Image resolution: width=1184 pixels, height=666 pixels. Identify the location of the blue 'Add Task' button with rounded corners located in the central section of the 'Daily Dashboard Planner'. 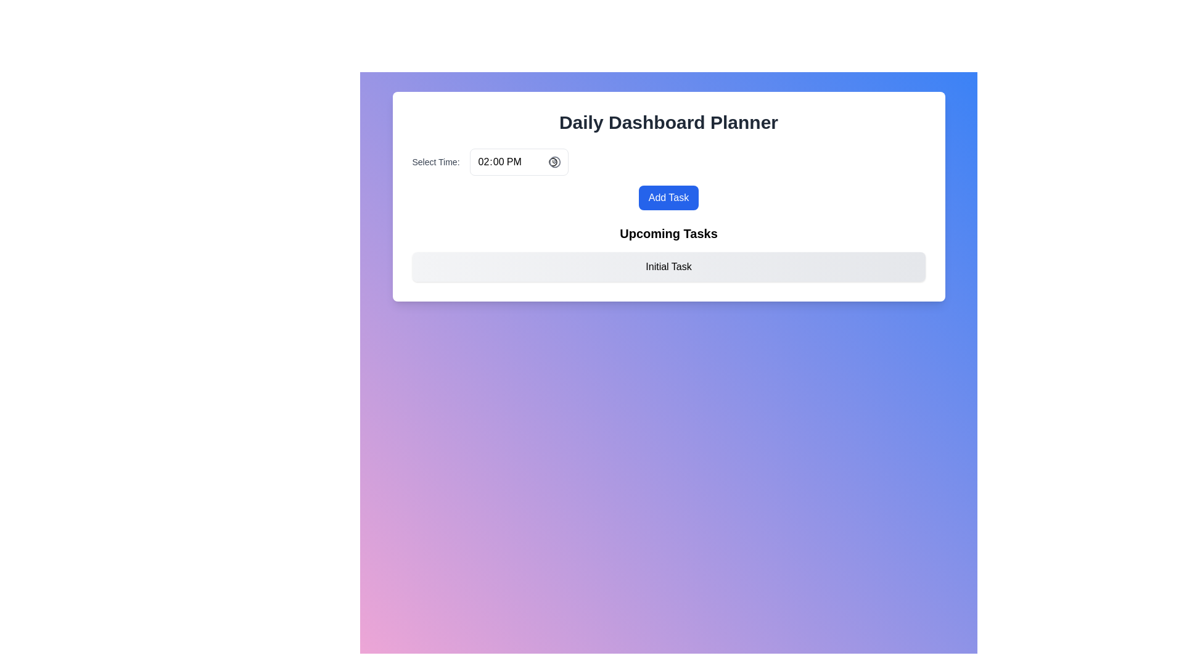
(668, 197).